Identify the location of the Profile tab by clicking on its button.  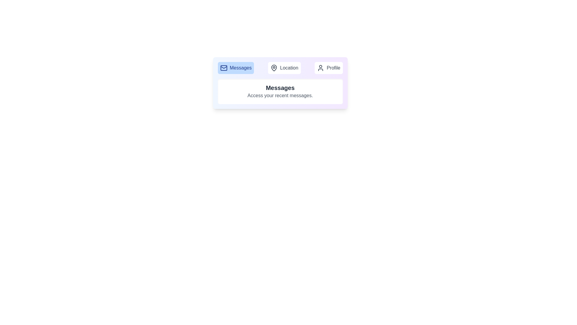
(328, 68).